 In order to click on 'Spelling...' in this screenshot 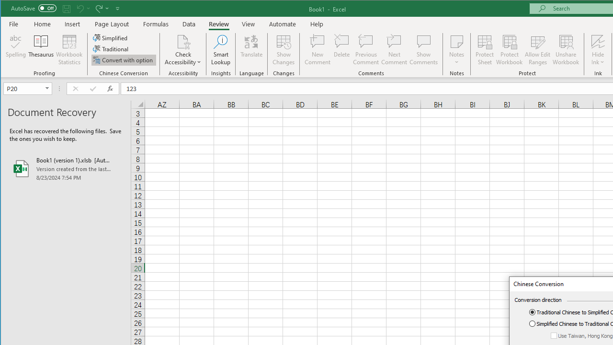, I will do `click(16, 50)`.